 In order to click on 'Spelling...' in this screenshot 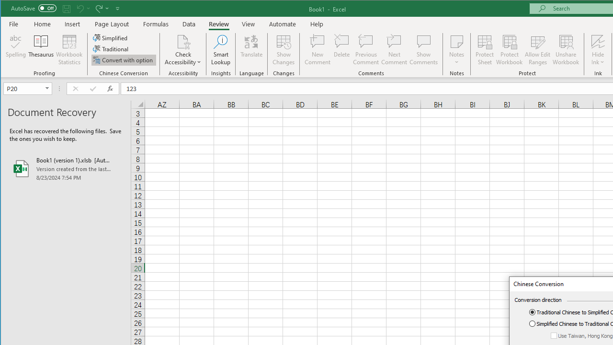, I will do `click(16, 50)`.